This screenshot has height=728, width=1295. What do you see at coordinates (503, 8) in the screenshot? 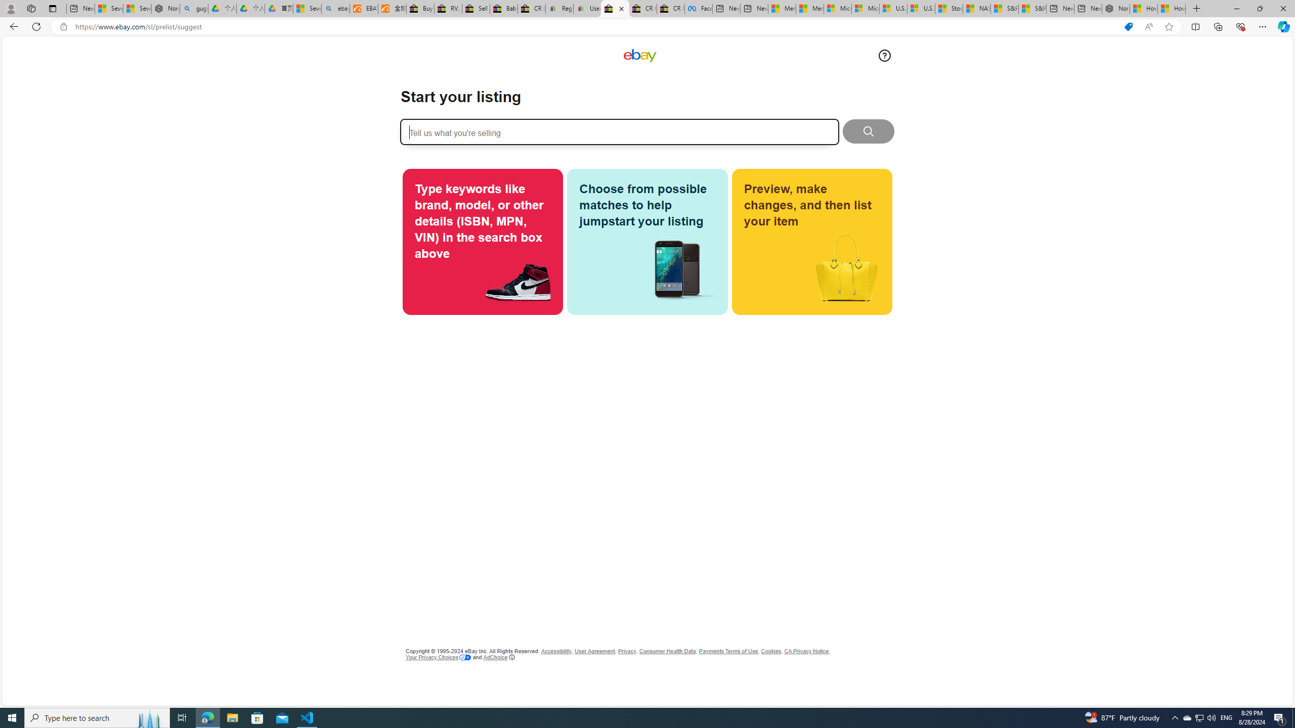
I see `'Baby Keepsakes & Announcements for sale | eBay'` at bounding box center [503, 8].